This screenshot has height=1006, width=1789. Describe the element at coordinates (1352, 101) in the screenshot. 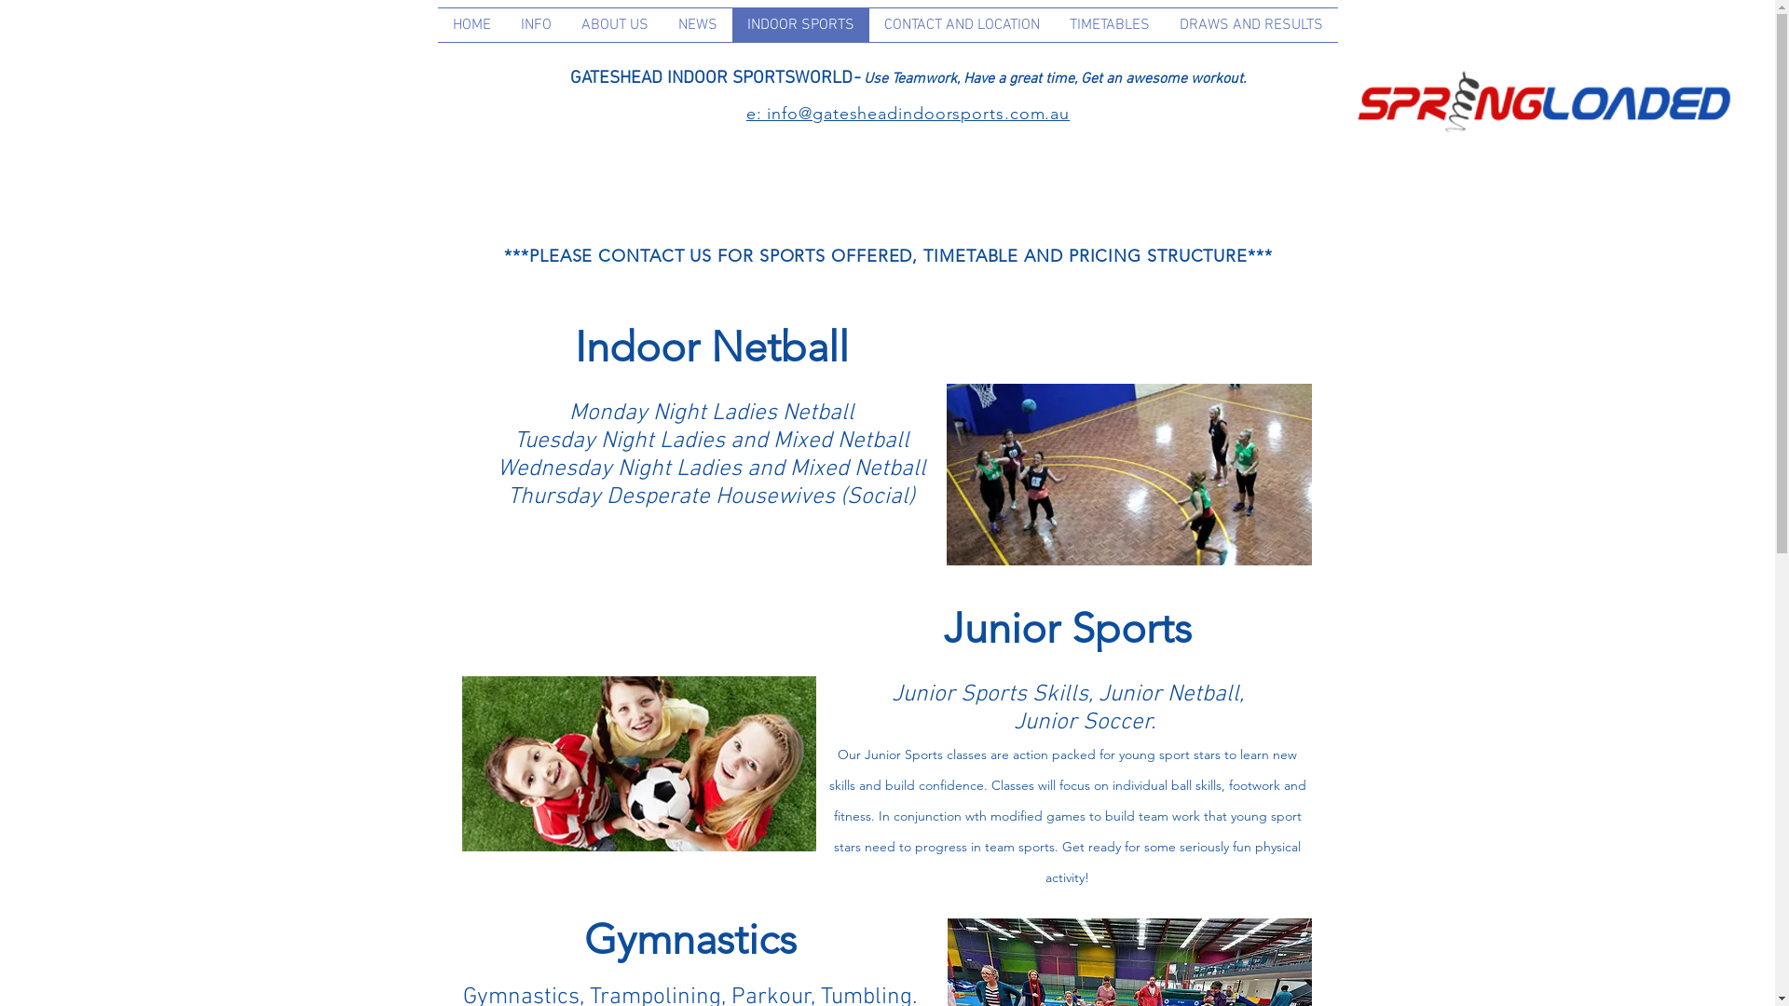

I see `'springlogo.png'` at that location.